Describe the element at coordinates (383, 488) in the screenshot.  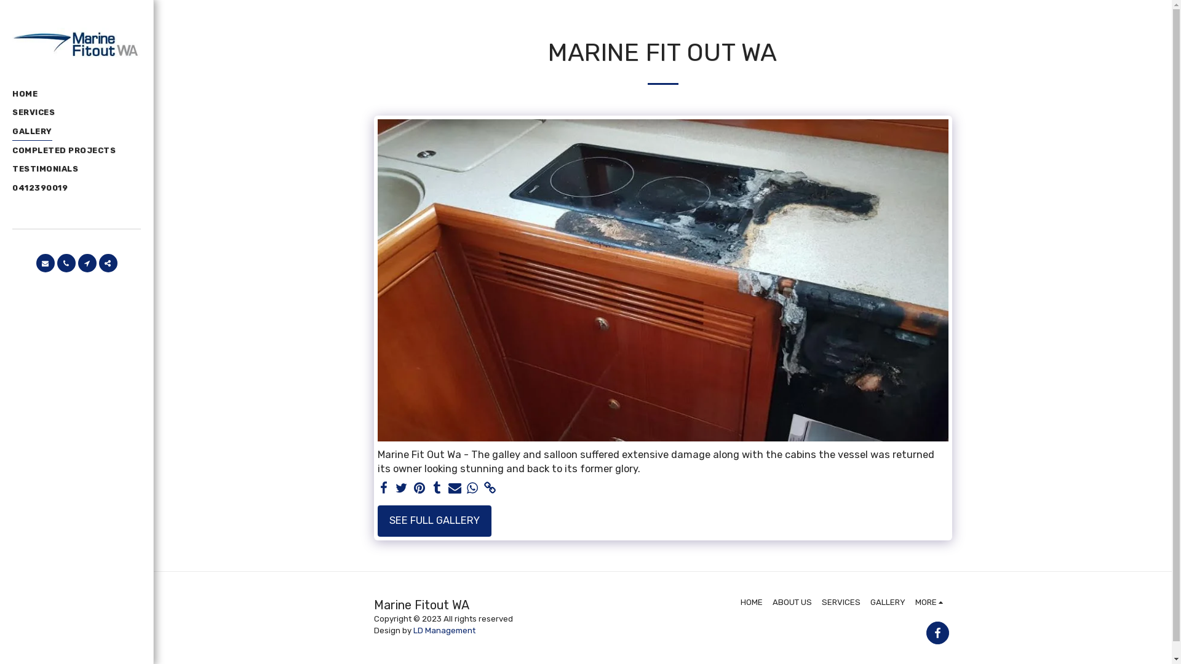
I see `' '` at that location.